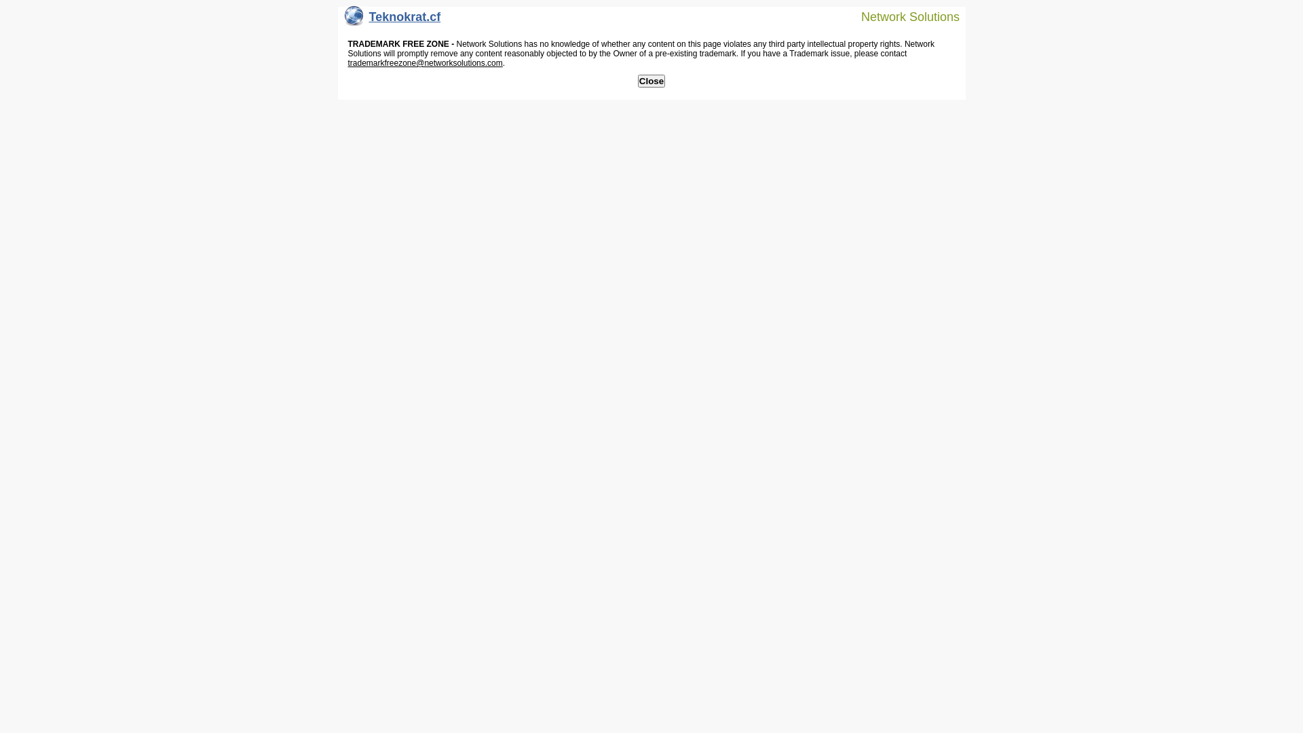  Describe the element at coordinates (423, 62) in the screenshot. I see `'trademarkfreezone@networksolutions.com'` at that location.